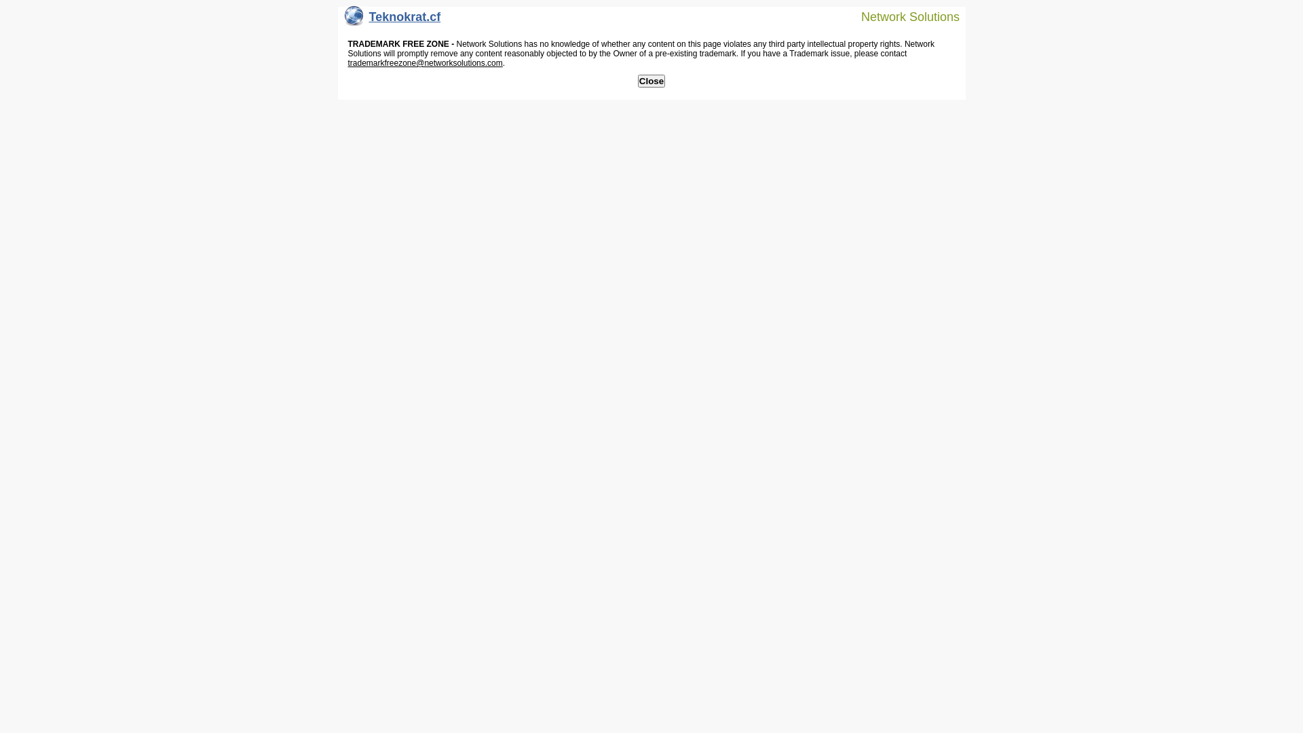  Describe the element at coordinates (423, 62) in the screenshot. I see `'trademarkfreezone@networksolutions.com'` at that location.